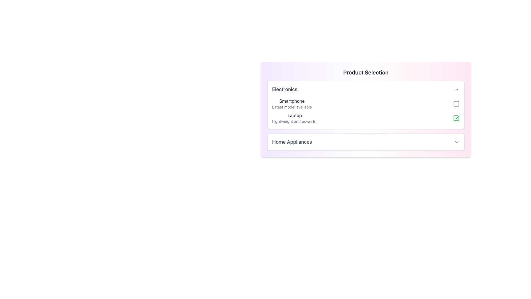  Describe the element at coordinates (285, 89) in the screenshot. I see `the static text element reading 'Electronics', which is located in the upper-left corner of the 'Product Selection' panel` at that location.